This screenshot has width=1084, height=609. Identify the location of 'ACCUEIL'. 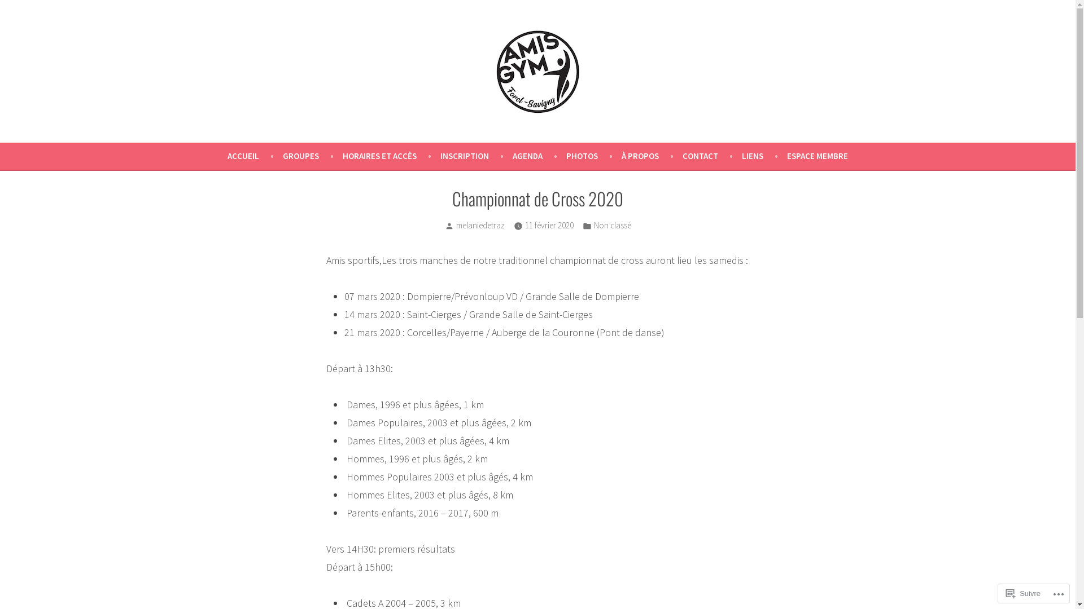
(254, 156).